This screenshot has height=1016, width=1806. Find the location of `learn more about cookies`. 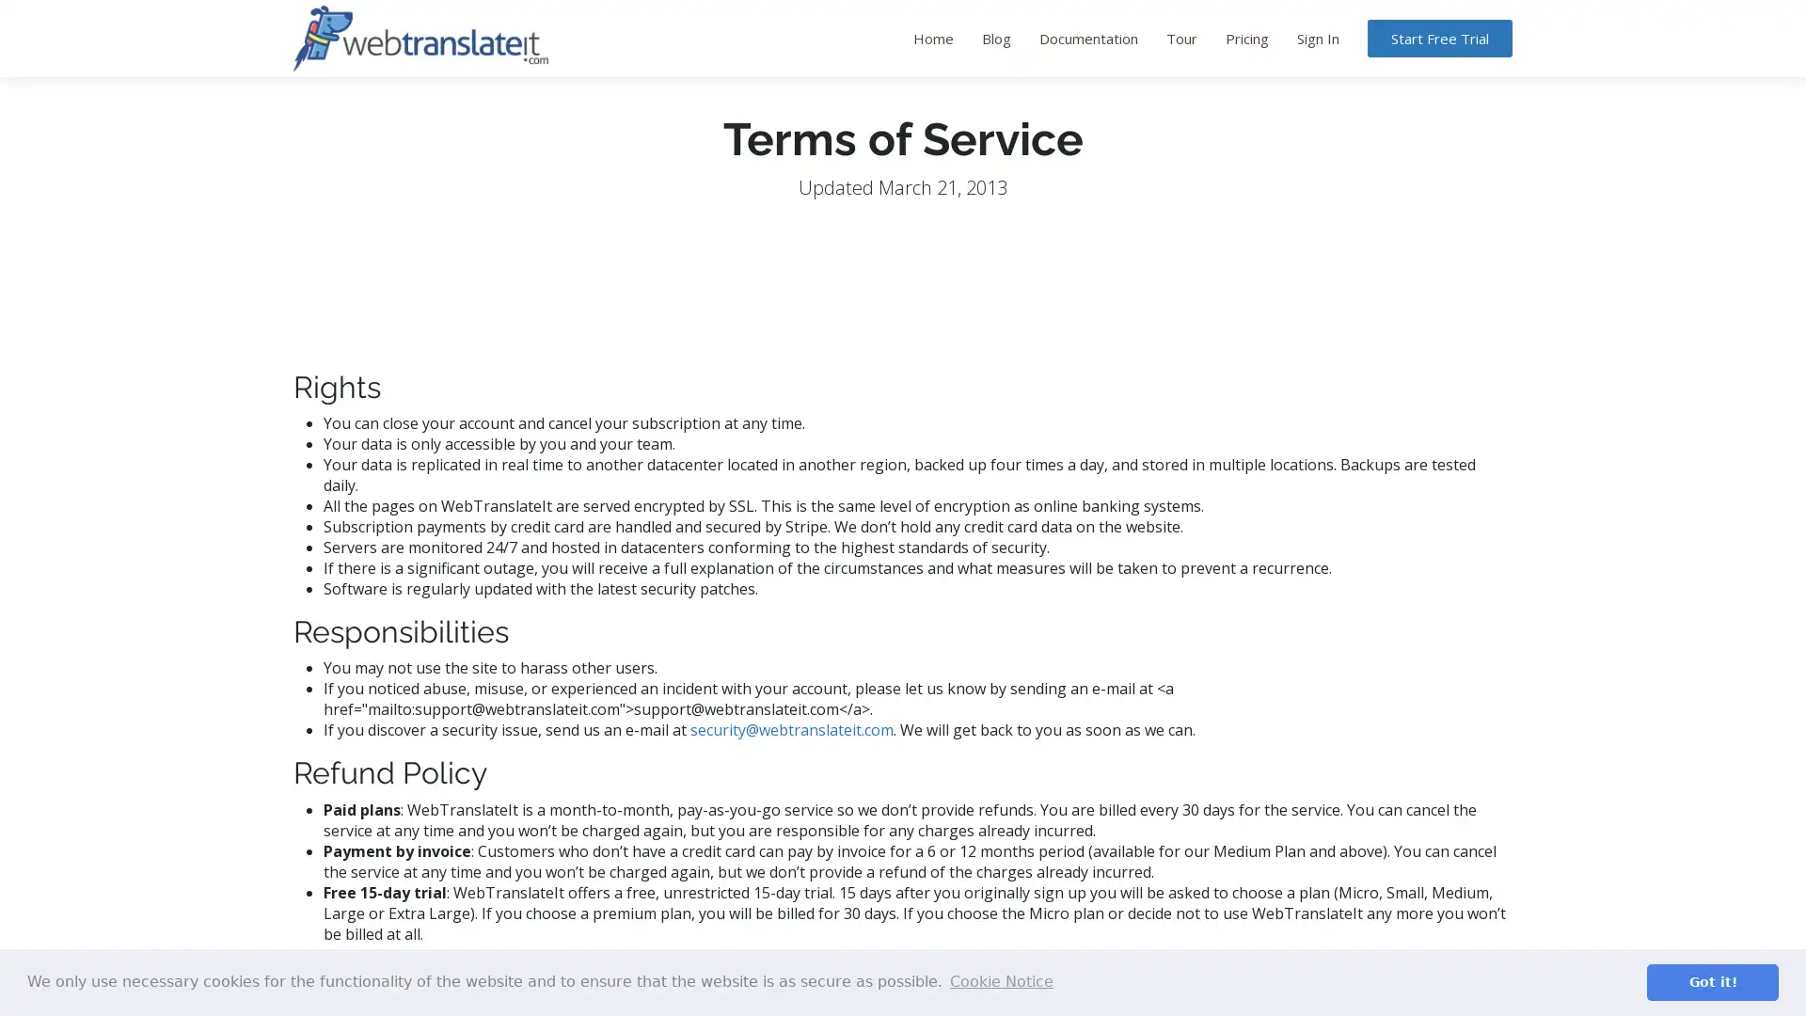

learn more about cookies is located at coordinates (1000, 981).